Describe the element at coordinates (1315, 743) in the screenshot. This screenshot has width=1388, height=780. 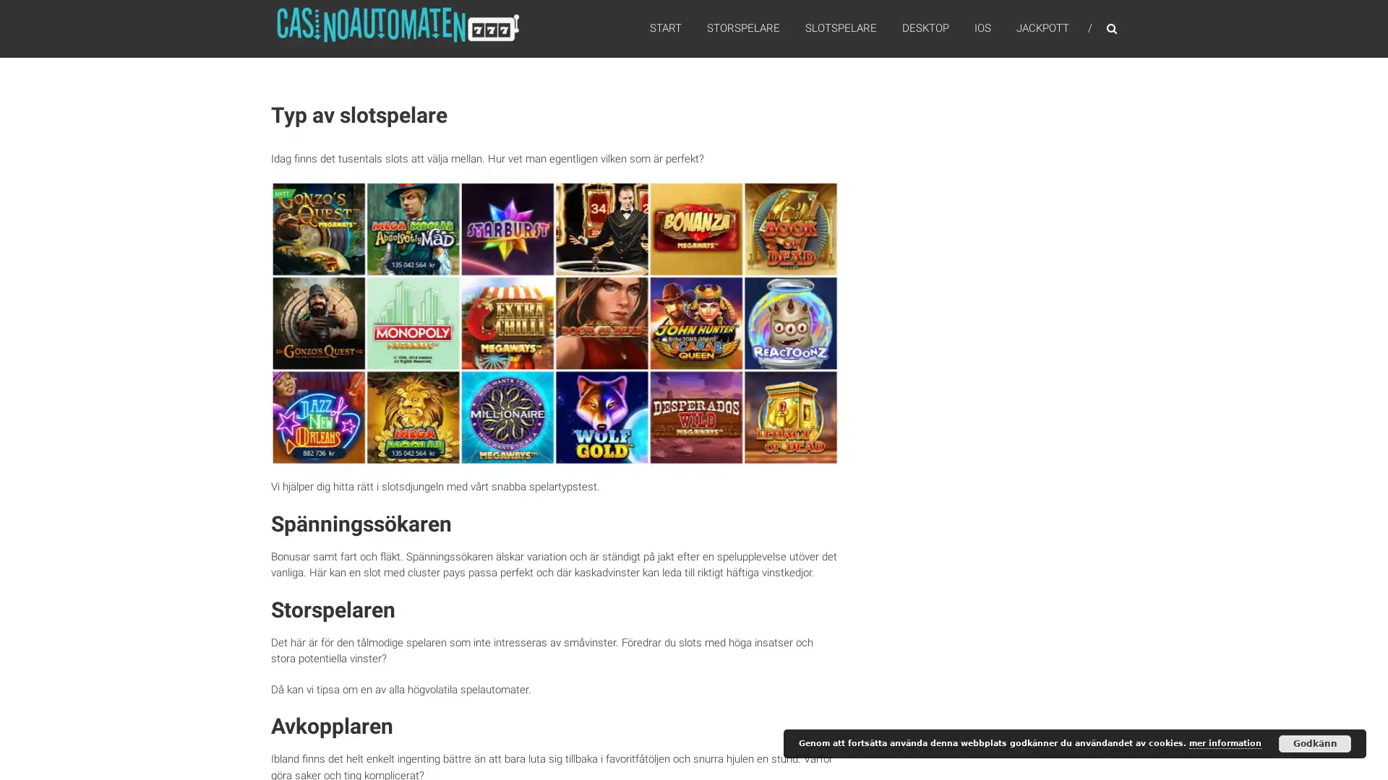
I see `Godkann` at that location.